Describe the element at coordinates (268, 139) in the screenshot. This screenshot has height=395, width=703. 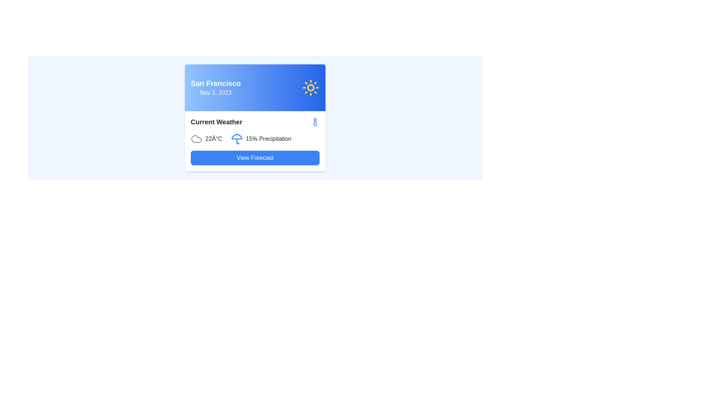
I see `the text label displaying '15% Precipitation' in gray color, positioned to the right of a blue umbrella icon, located centrally under the 'Current Weather' title` at that location.